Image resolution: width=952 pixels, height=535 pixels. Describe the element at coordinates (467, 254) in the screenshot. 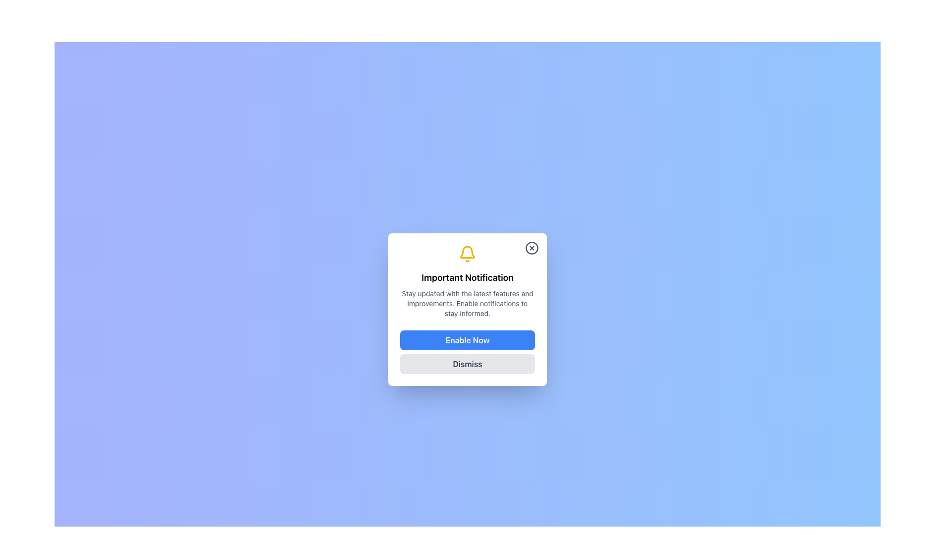

I see `the decorative bell icon at the upper part of the notification dialog, which serves as a visual representation of notifications` at that location.